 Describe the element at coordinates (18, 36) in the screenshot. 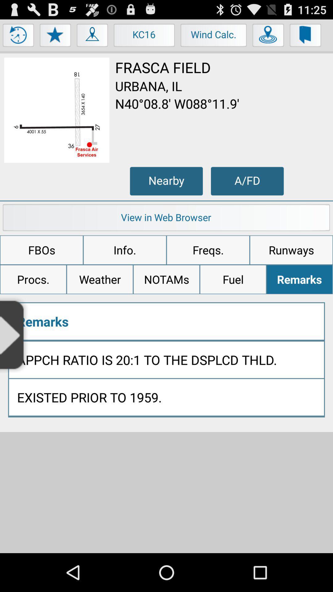

I see `menu button` at that location.